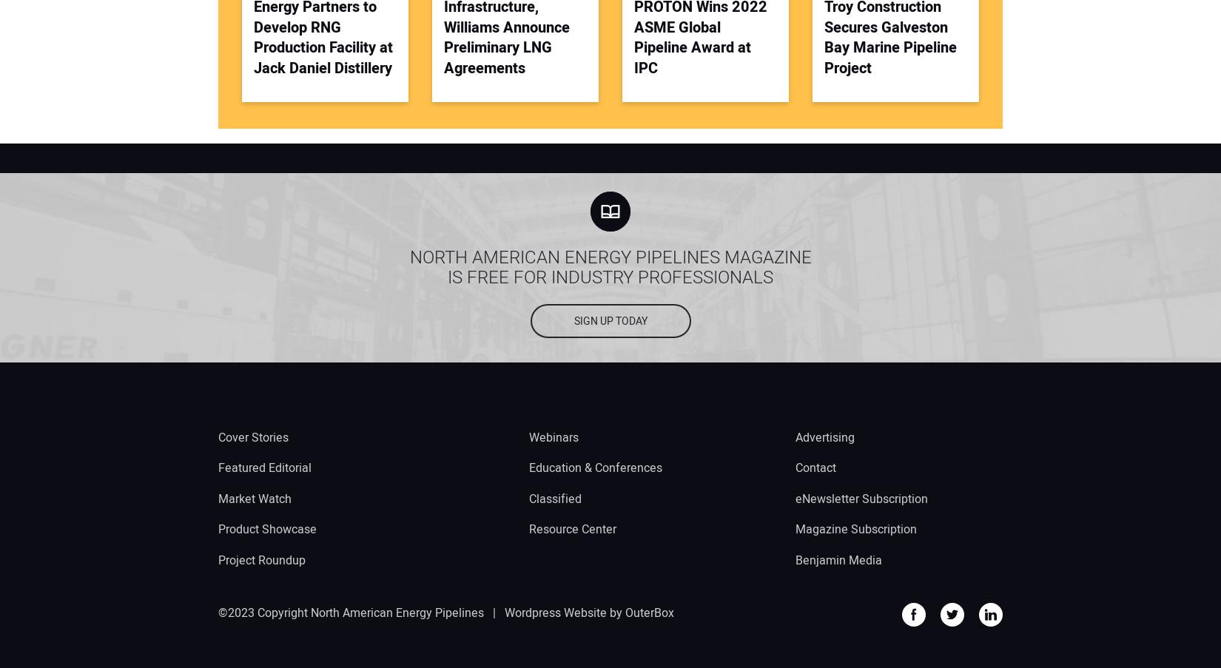  I want to click on 'Benjamin Media', so click(795, 559).